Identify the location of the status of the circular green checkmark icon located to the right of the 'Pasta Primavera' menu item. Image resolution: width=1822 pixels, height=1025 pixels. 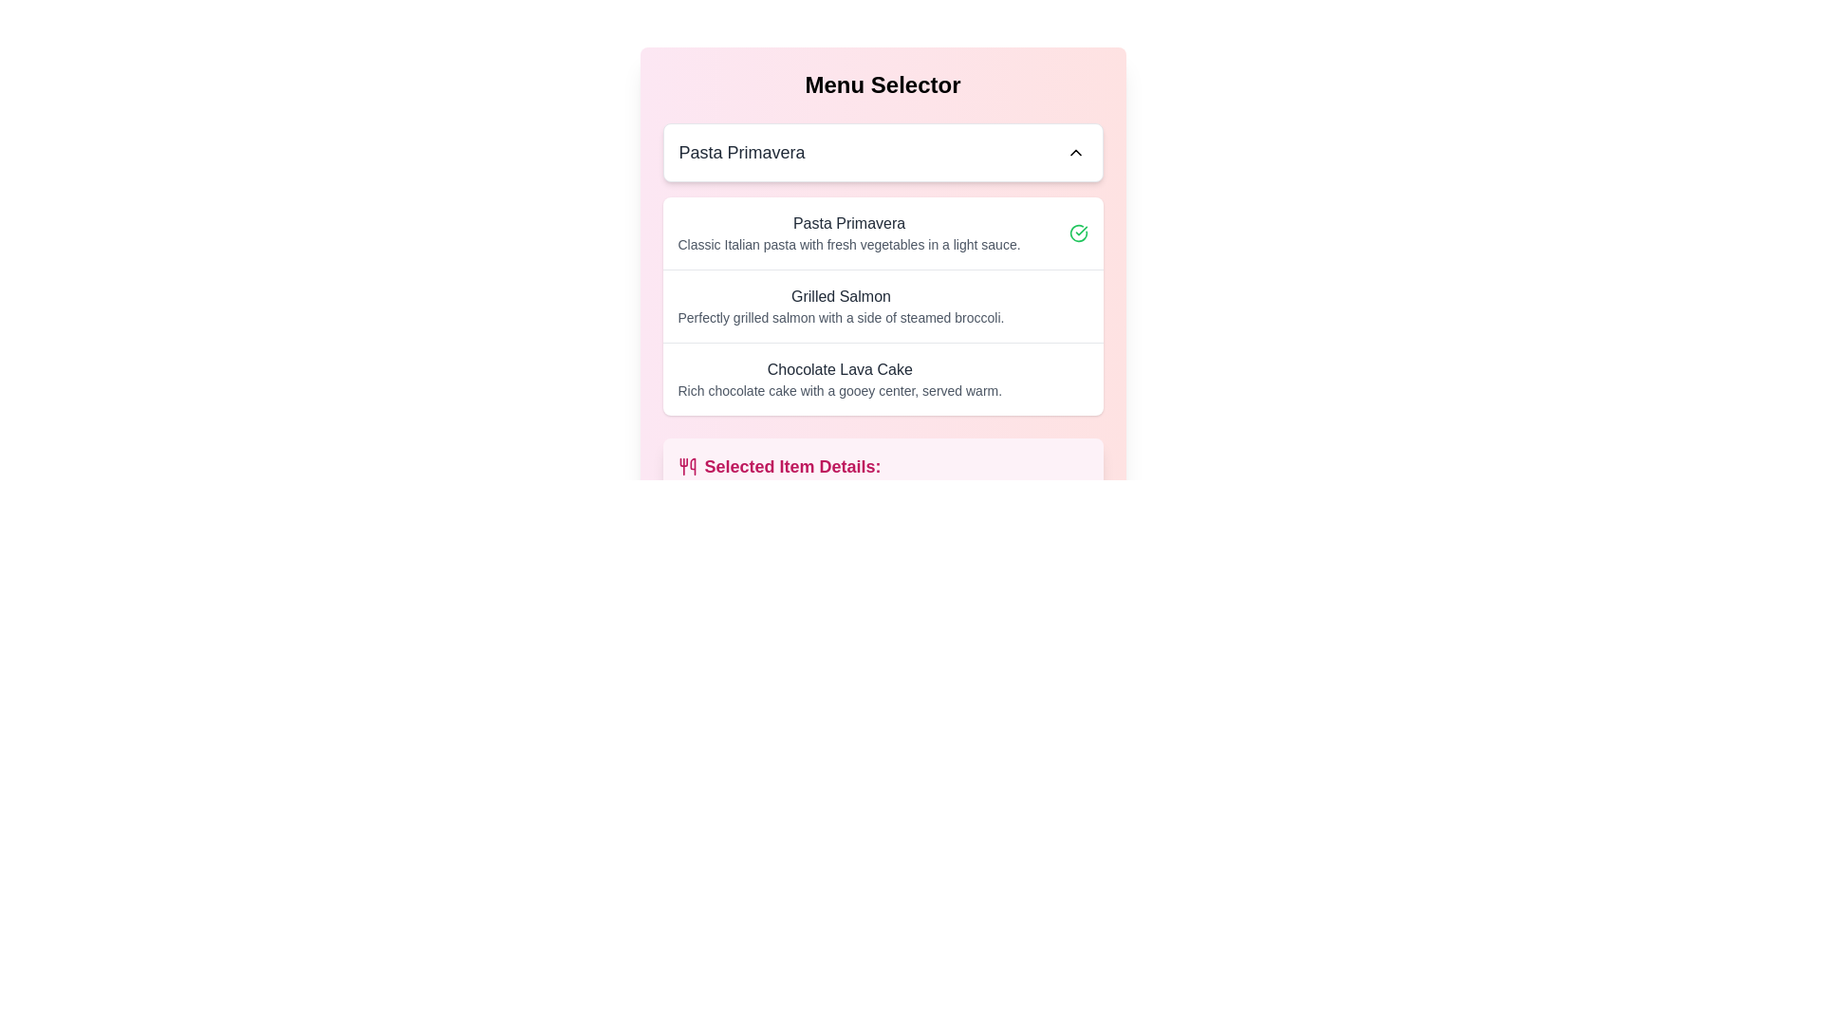
(1078, 233).